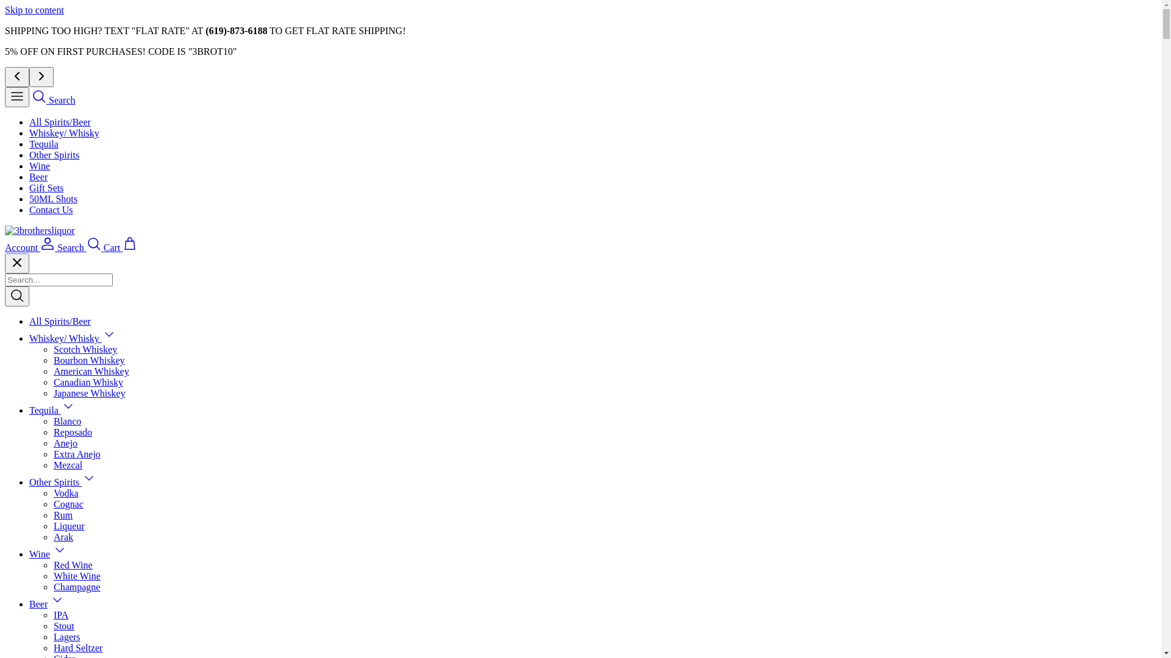  I want to click on 'Anejo', so click(65, 443).